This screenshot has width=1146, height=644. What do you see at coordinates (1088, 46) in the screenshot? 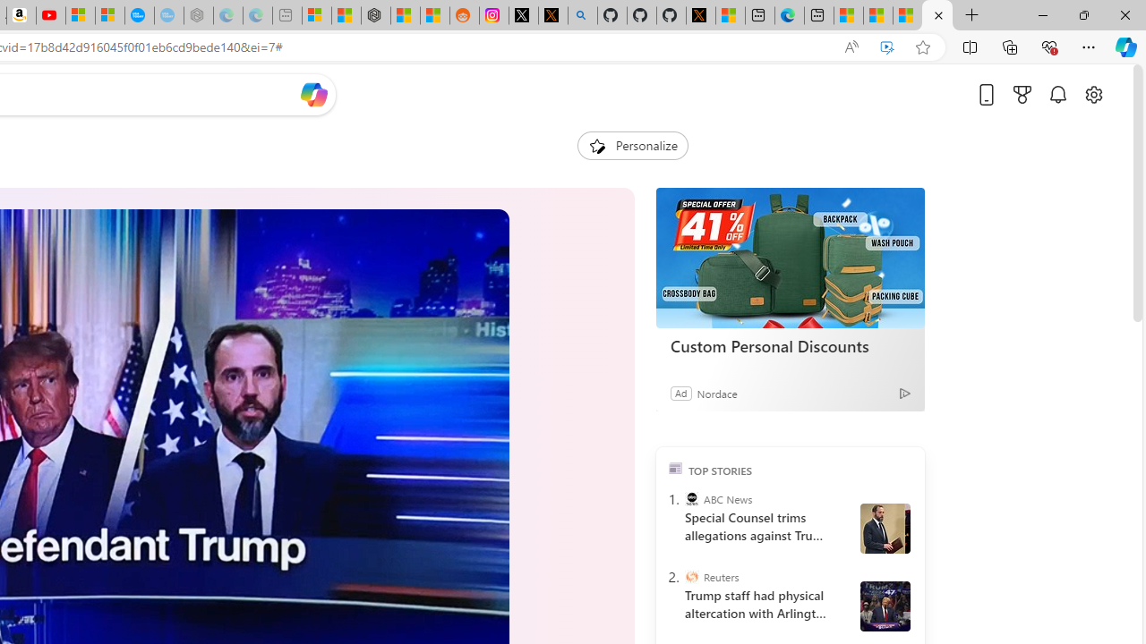
I see `'Settings and more (Alt+F)'` at bounding box center [1088, 46].